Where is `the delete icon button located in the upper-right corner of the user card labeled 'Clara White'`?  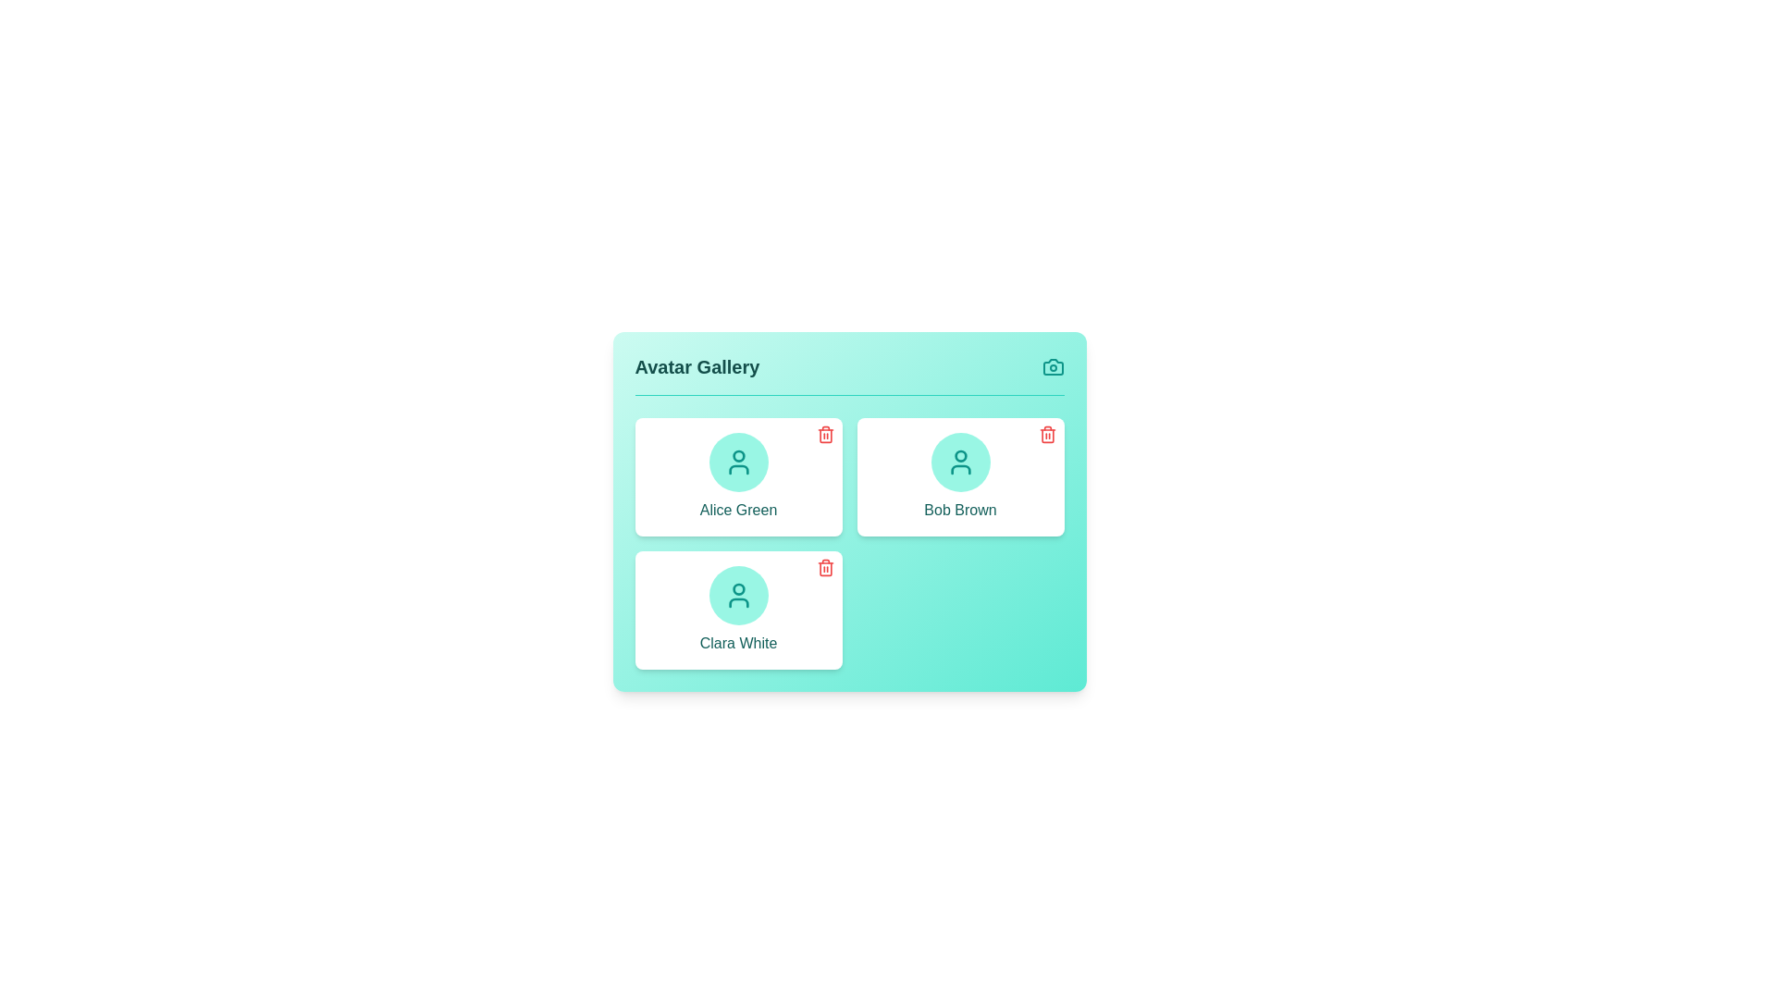
the delete icon button located in the upper-right corner of the user card labeled 'Clara White' is located at coordinates (824, 566).